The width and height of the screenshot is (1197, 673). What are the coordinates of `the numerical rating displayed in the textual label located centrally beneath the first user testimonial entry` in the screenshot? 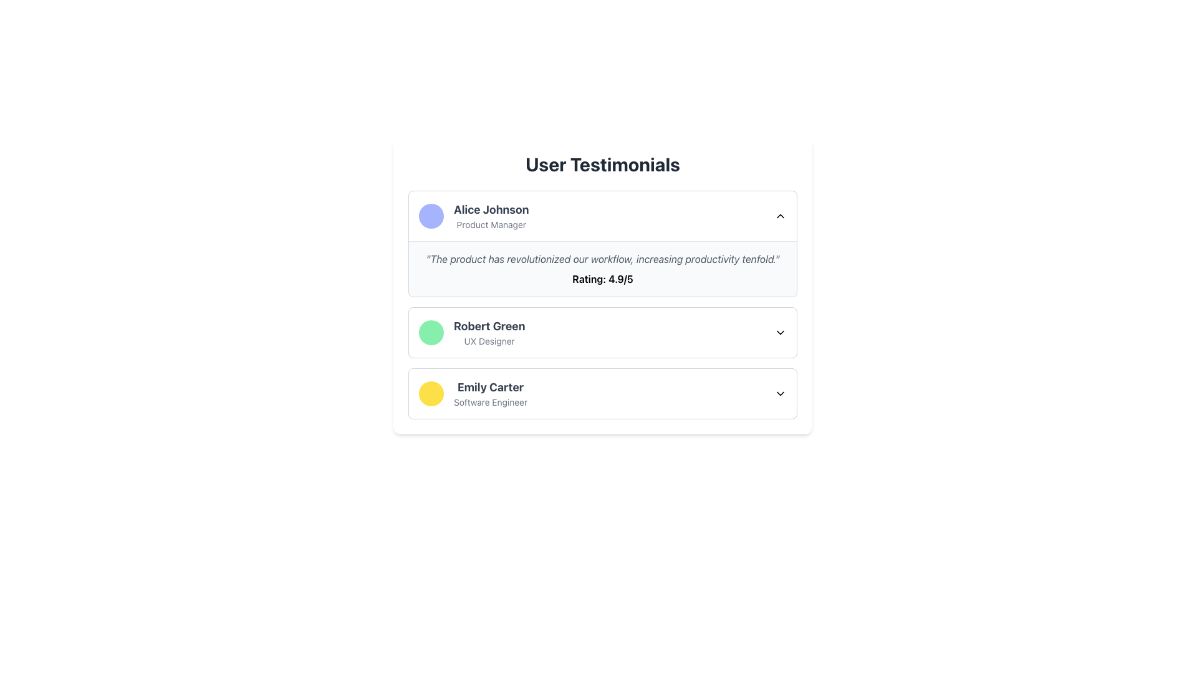 It's located at (602, 278).